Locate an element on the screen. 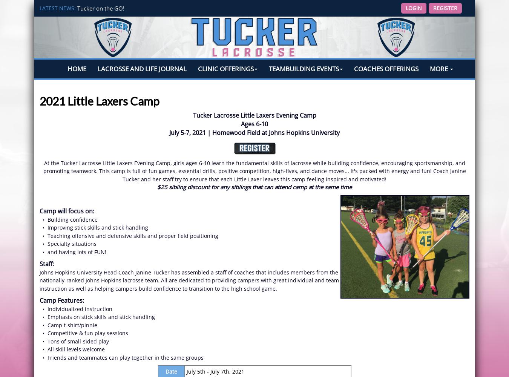 The height and width of the screenshot is (377, 509). '•  Building confidence' is located at coordinates (68, 219).